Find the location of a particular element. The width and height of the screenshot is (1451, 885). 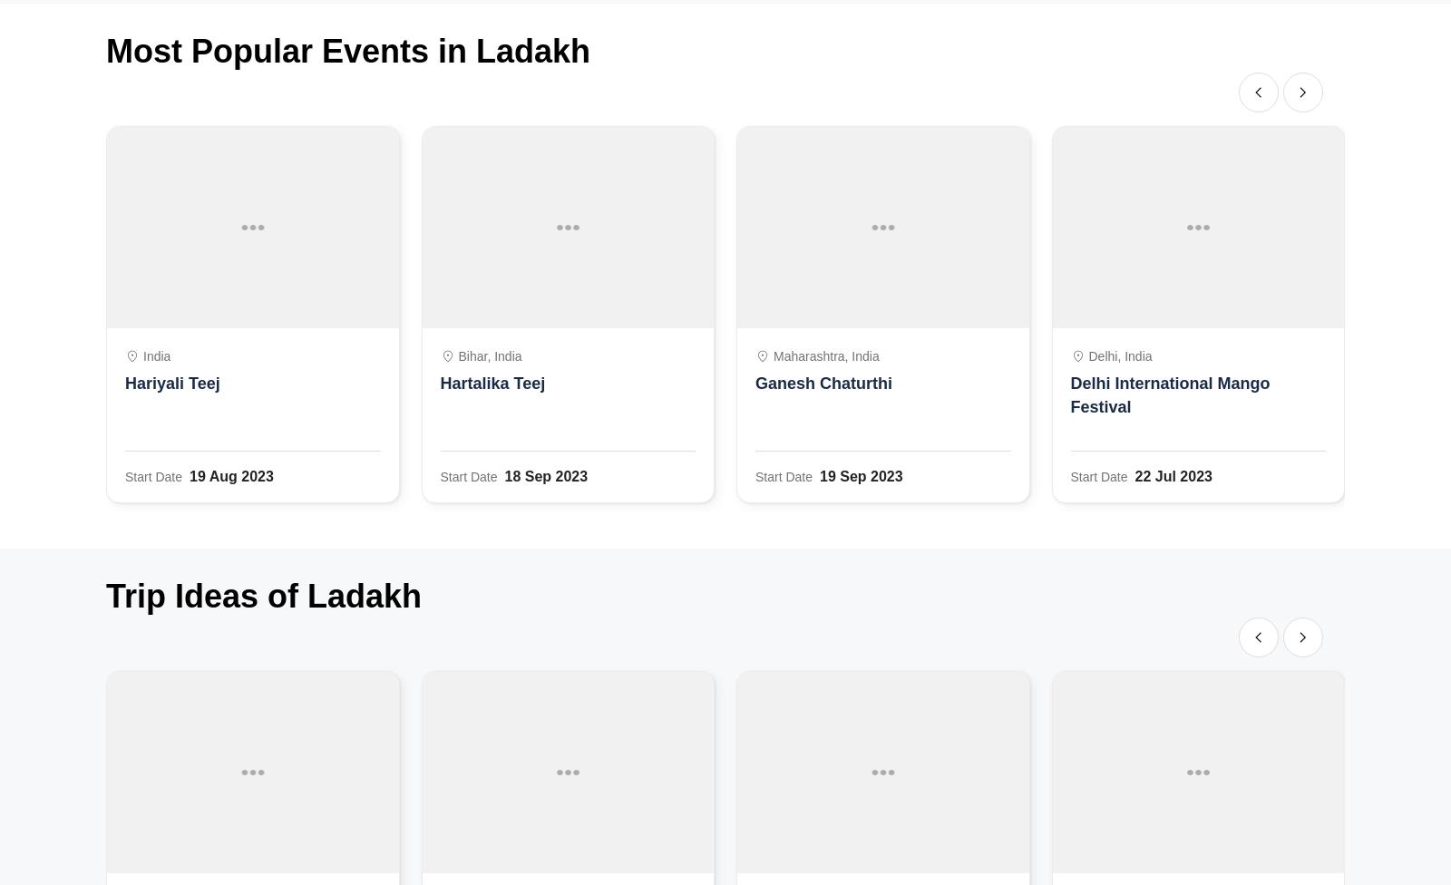

'Bihar,  India' is located at coordinates (489, 355).